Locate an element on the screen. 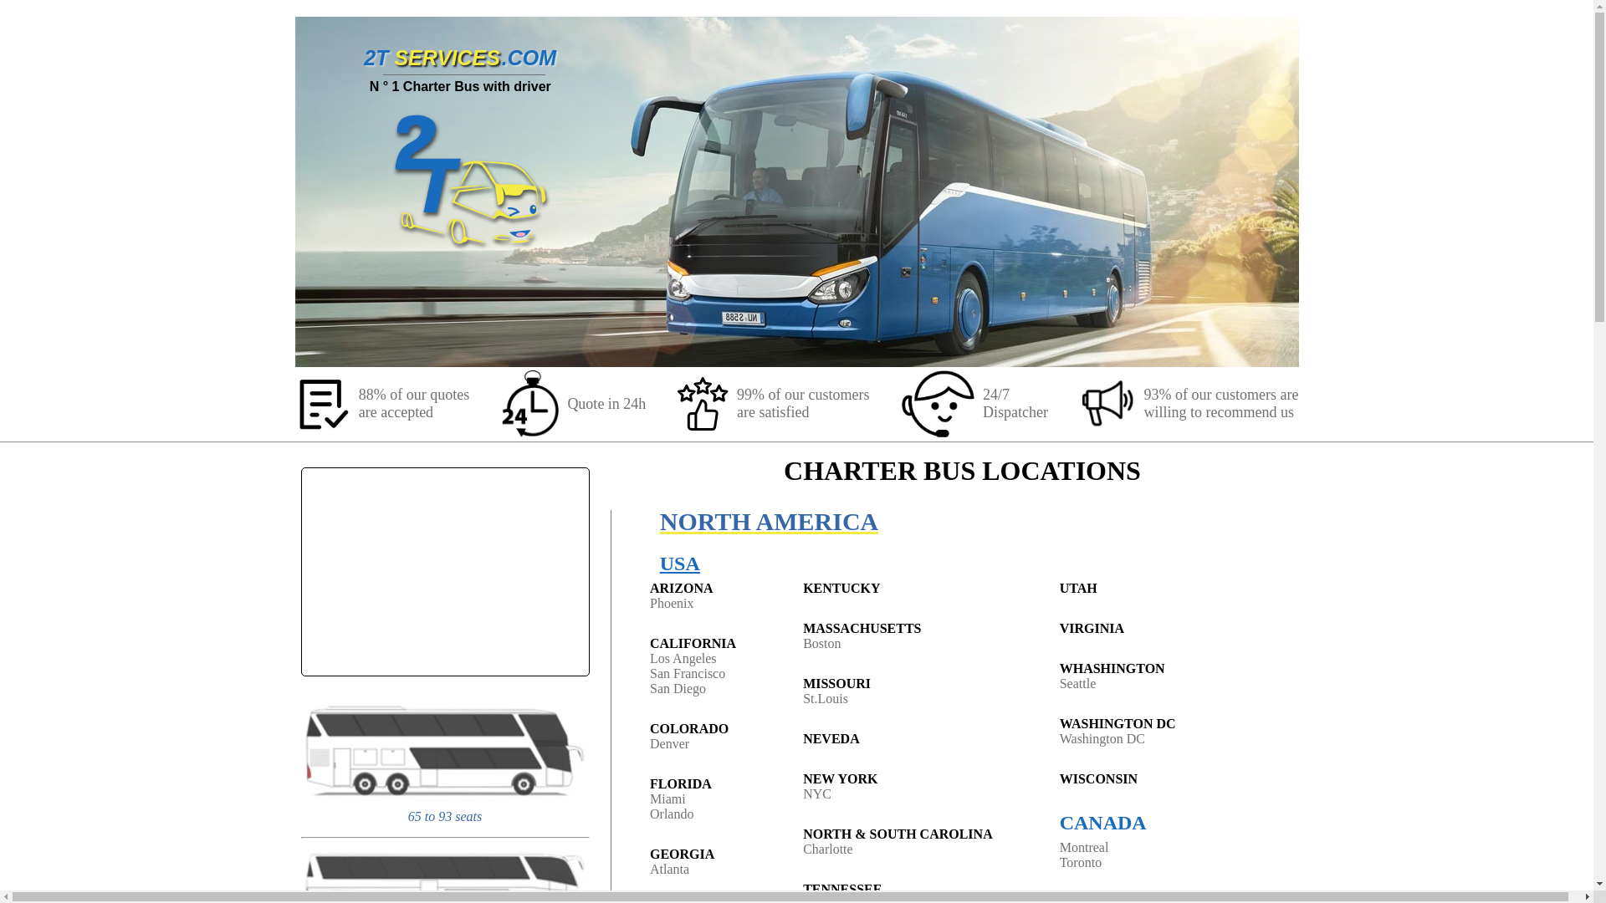 The width and height of the screenshot is (1606, 903). 'COLORADO' is located at coordinates (649, 727).